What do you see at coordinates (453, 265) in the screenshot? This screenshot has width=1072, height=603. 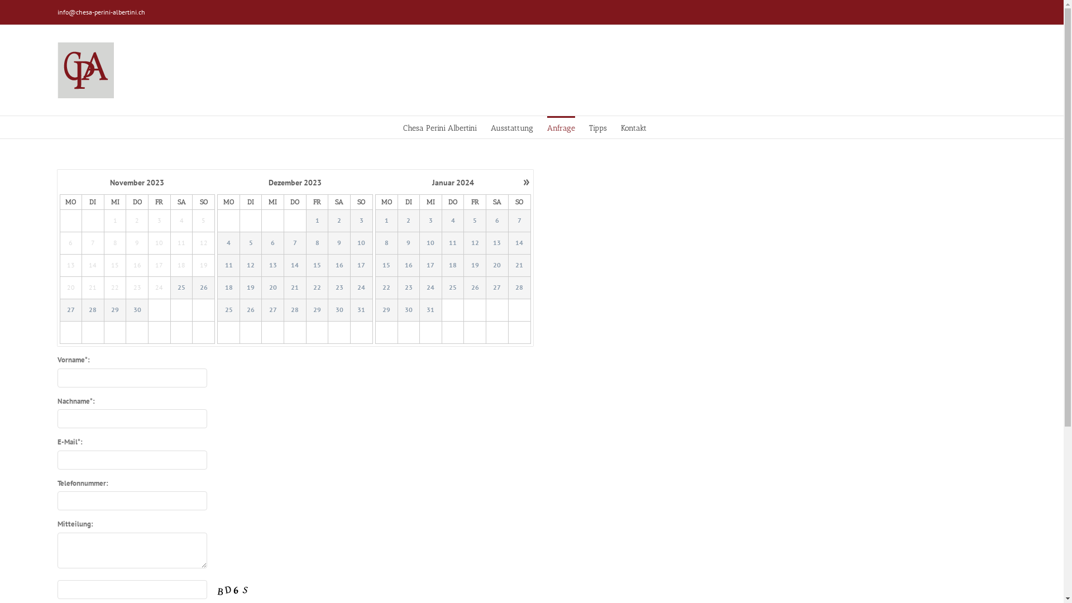 I see `'18'` at bounding box center [453, 265].